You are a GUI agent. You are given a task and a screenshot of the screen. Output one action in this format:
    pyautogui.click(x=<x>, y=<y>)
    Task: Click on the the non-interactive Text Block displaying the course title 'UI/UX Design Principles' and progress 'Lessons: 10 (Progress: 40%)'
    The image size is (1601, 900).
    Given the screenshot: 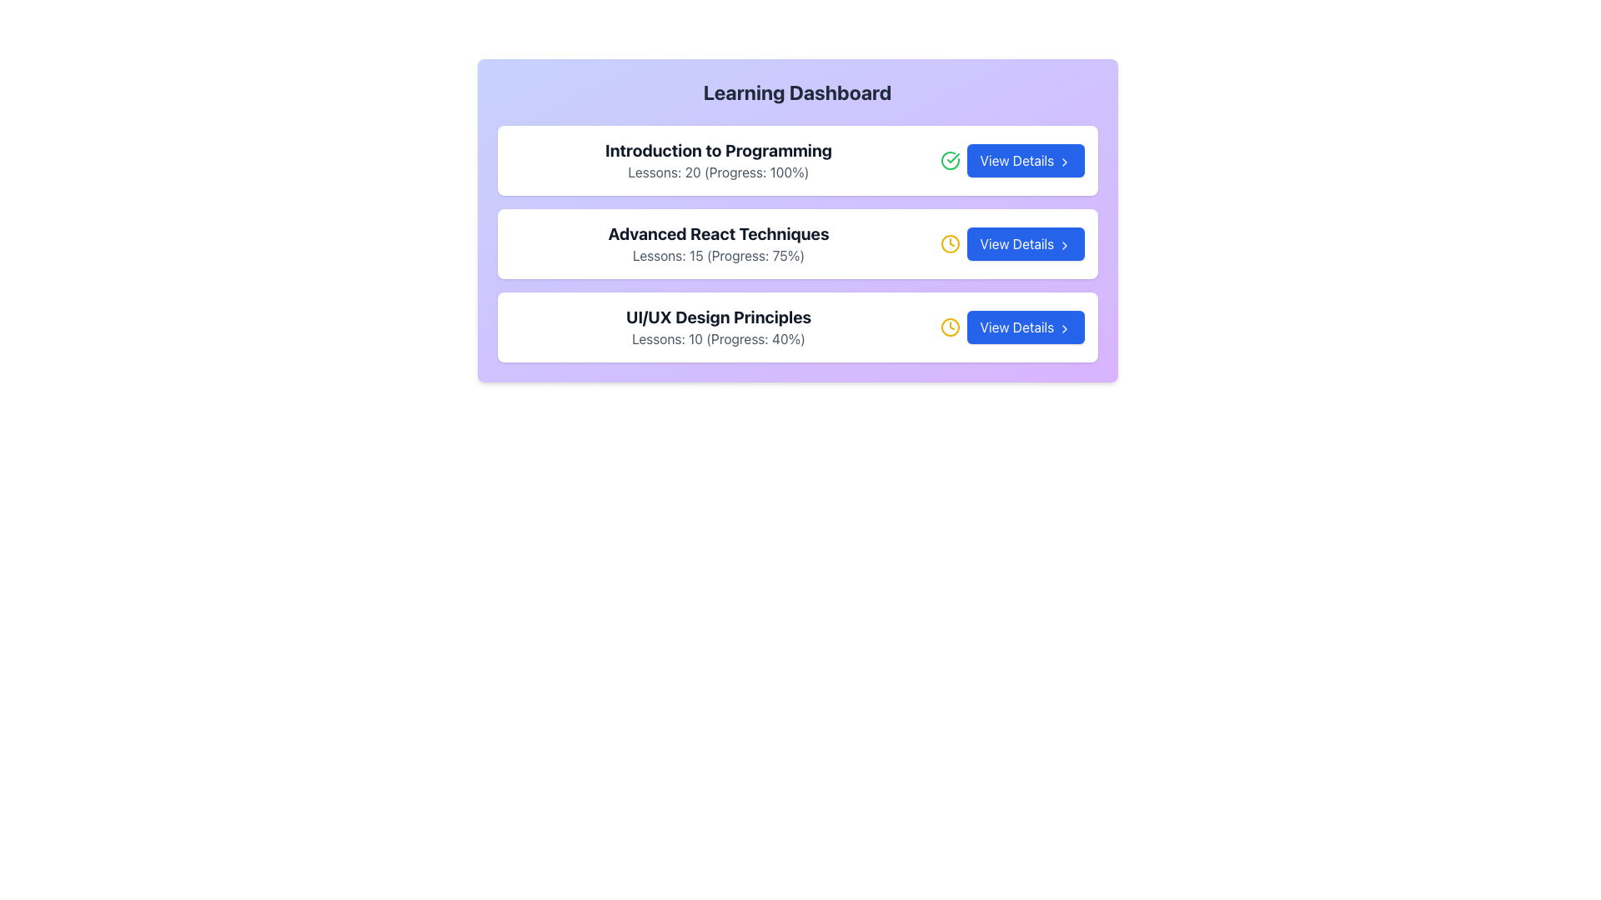 What is the action you would take?
    pyautogui.click(x=719, y=327)
    